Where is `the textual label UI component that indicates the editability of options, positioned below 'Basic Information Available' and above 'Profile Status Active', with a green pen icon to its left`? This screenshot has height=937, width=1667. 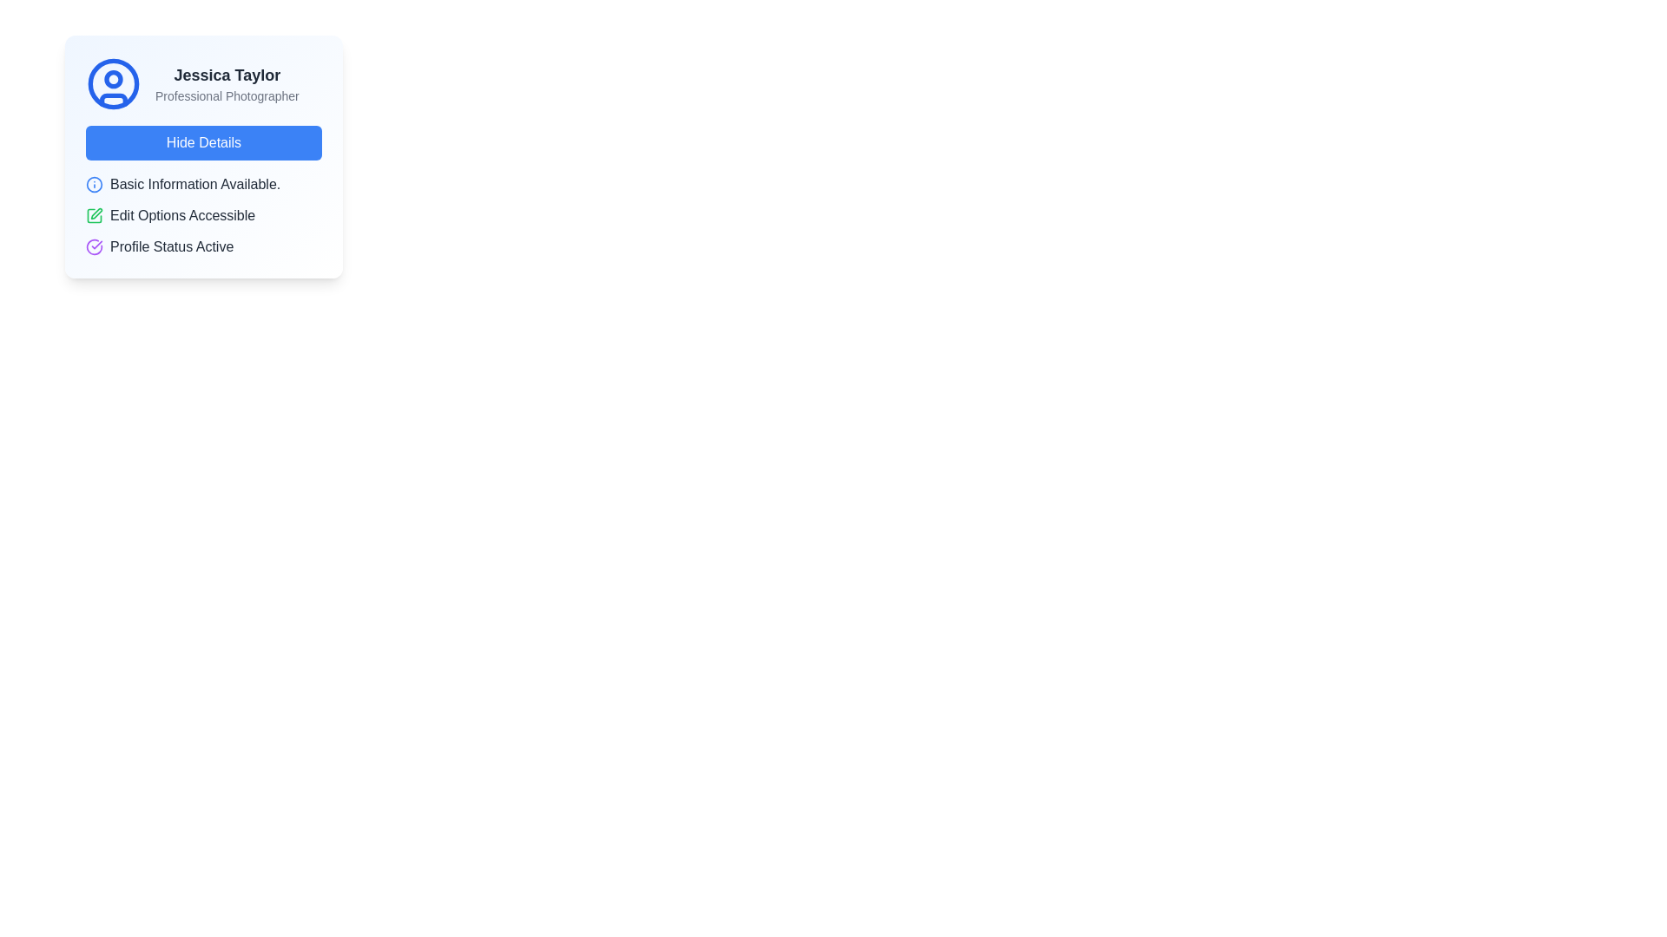
the textual label UI component that indicates the editability of options, positioned below 'Basic Information Available' and above 'Profile Status Active', with a green pen icon to its left is located at coordinates (182, 215).